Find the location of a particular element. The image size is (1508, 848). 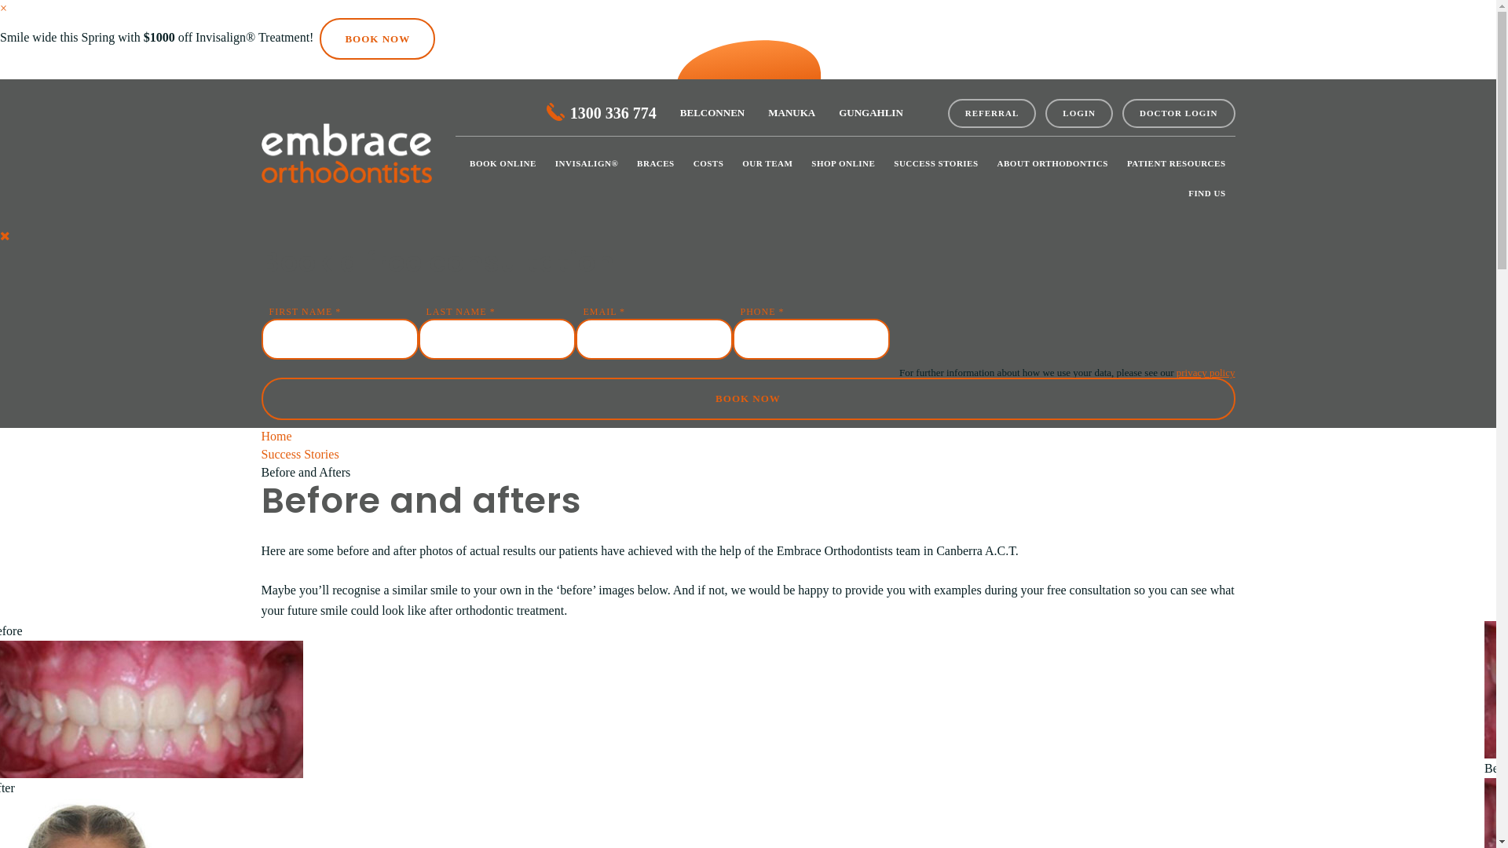

'COSTS' is located at coordinates (708, 163).